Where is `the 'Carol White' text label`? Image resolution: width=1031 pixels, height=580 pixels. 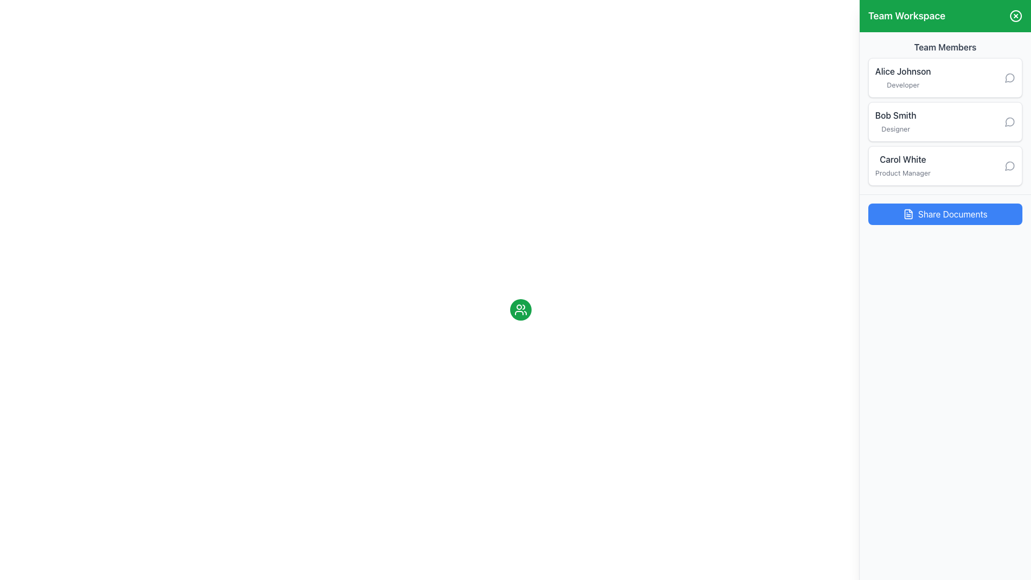 the 'Carol White' text label is located at coordinates (902, 160).